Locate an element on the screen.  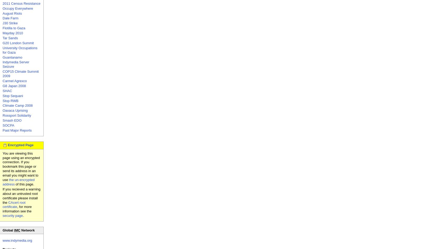
'Guantanamo' is located at coordinates (12, 57).